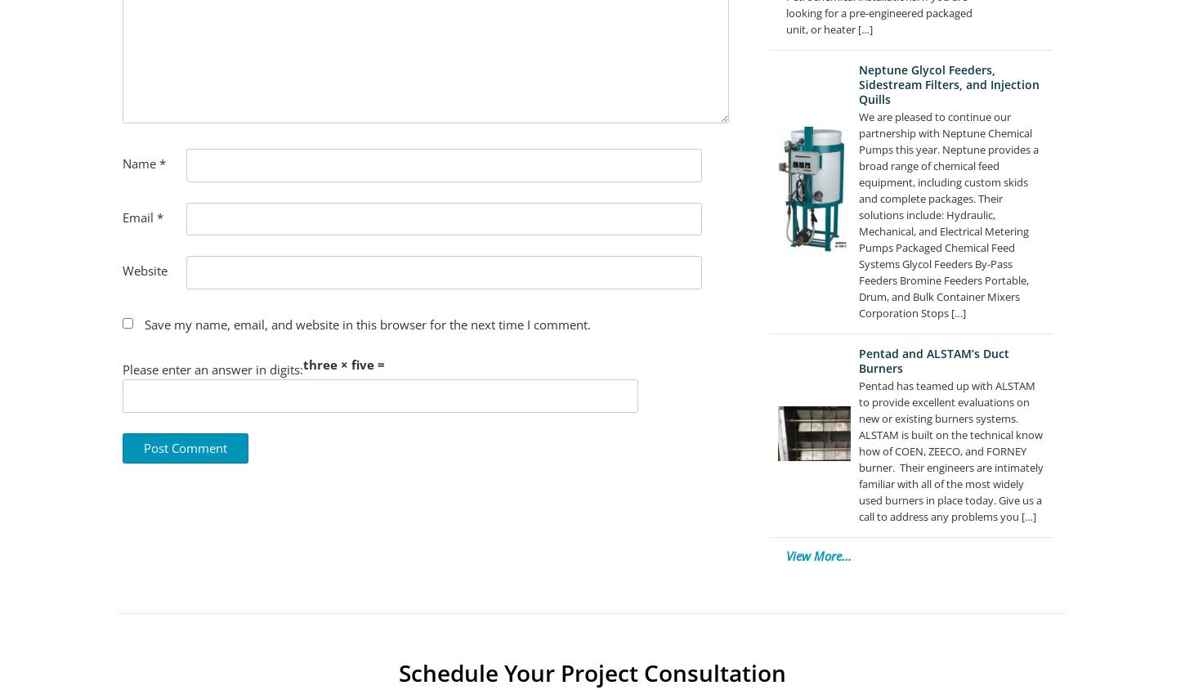 This screenshot has height=690, width=1185. What do you see at coordinates (932, 360) in the screenshot?
I see `'Pentad and ALSTAM’s Duct Burners'` at bounding box center [932, 360].